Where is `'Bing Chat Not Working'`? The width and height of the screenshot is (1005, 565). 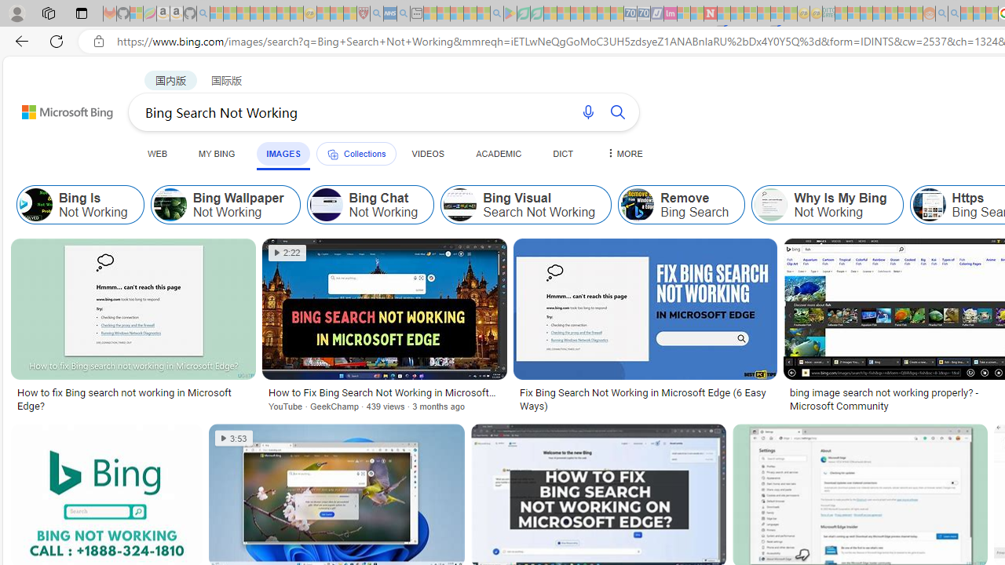 'Bing Chat Not Working' is located at coordinates (369, 204).